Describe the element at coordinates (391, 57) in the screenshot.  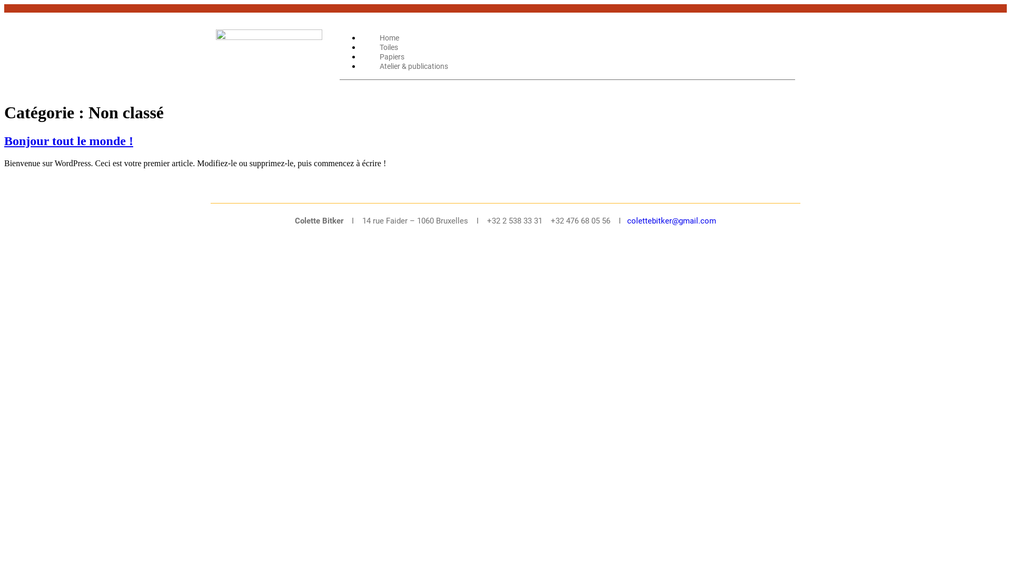
I see `'Papiers'` at that location.